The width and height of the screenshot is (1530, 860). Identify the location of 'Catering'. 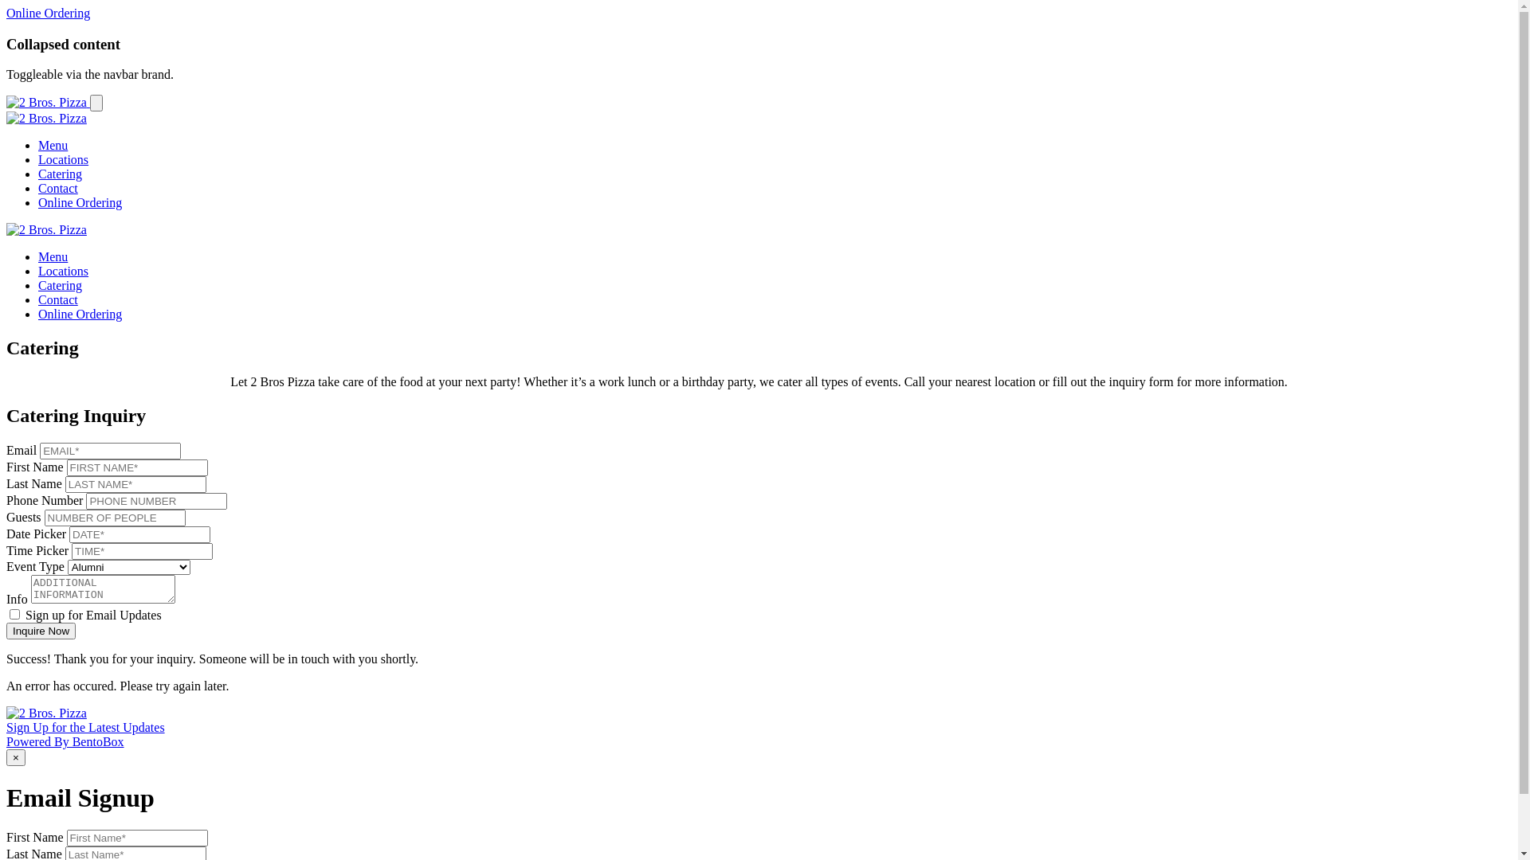
(60, 284).